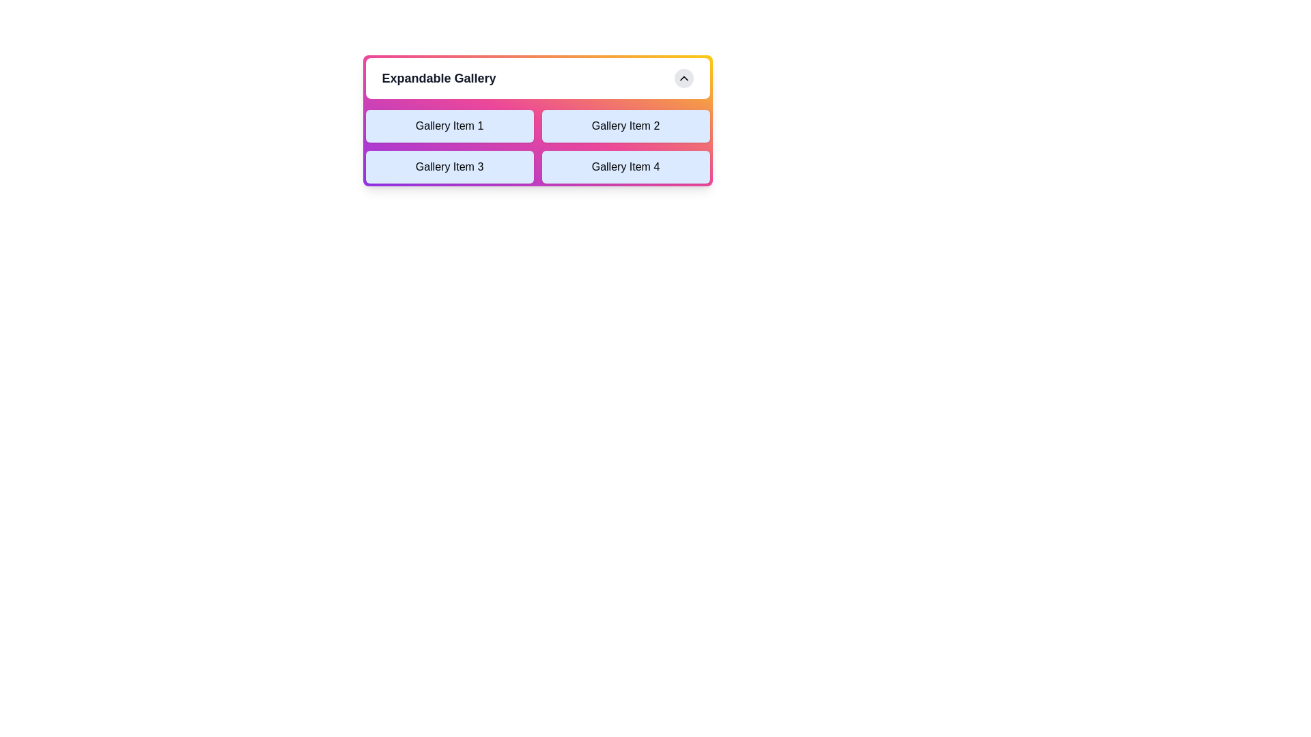  I want to click on the rectangular card with softly rounded corners and a light blue background that contains the text 'Gallery Item 3', located in the second row and first column of the grid beneath the title 'Expandable Gallery', so click(449, 167).